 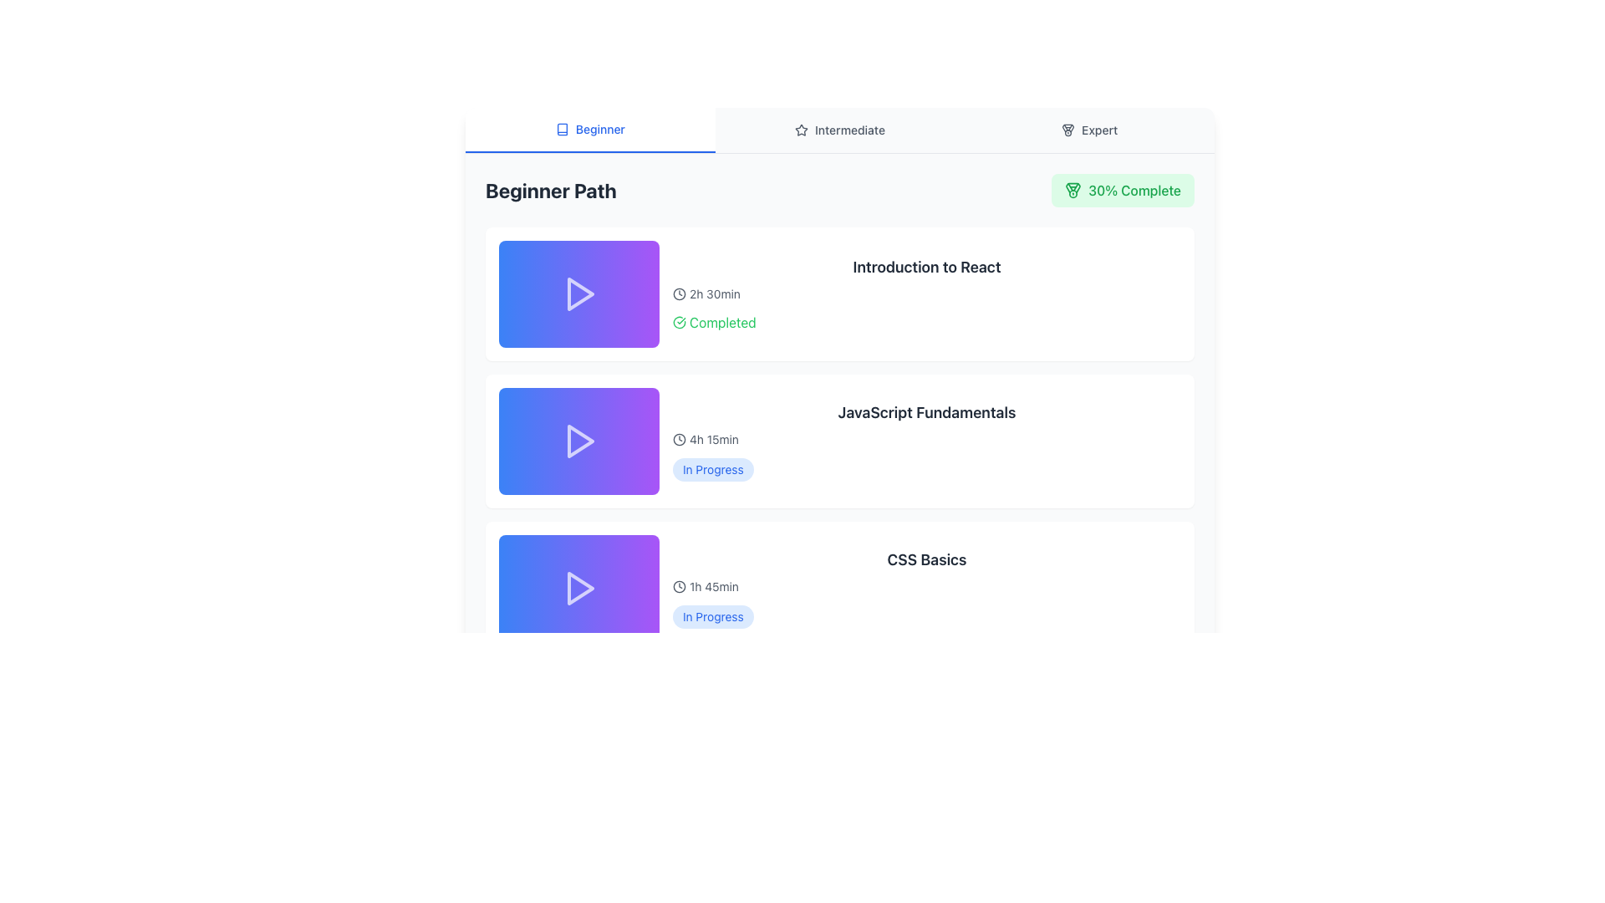 I want to click on course title from the Course Selector Card that displays 'JavaScript Fundamentals', which is the second card in the list of courses, so click(x=839, y=441).